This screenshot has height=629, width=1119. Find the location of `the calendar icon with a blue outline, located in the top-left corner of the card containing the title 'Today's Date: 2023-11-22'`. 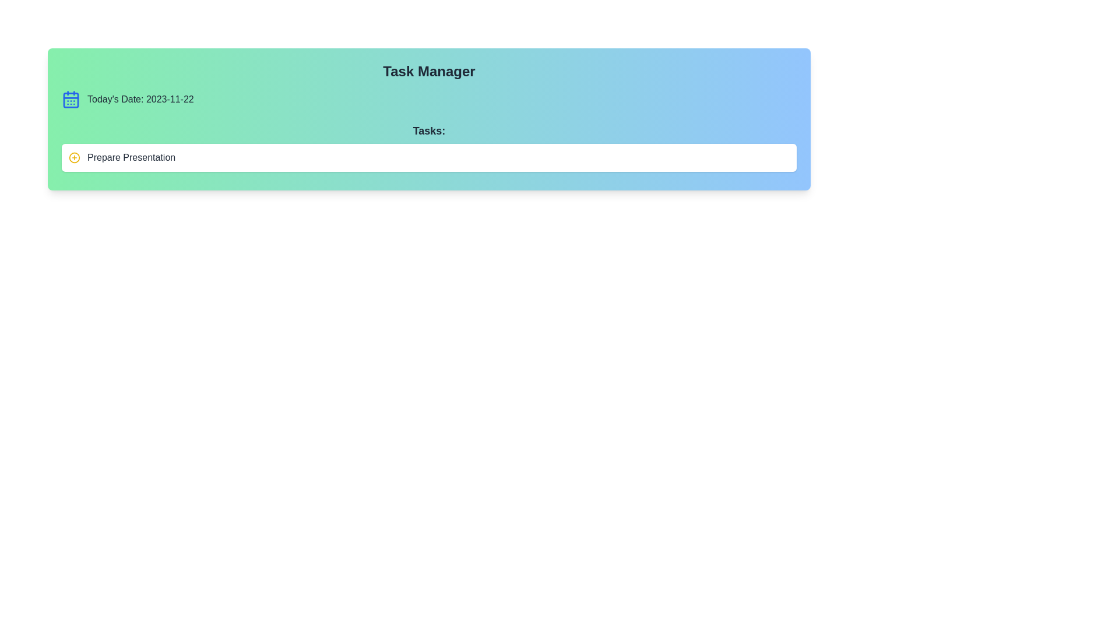

the calendar icon with a blue outline, located in the top-left corner of the card containing the title 'Today's Date: 2023-11-22' is located at coordinates (70, 98).